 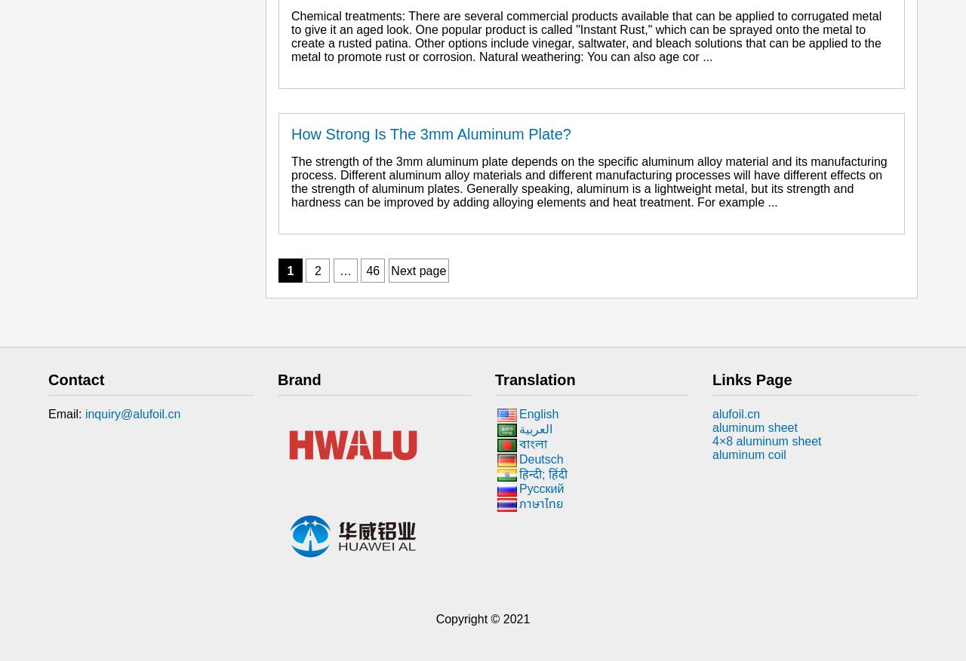 What do you see at coordinates (291, 181) in the screenshot?
I see `'The strength of the 3mm aluminum plate depends on the specific aluminum alloy material and its manufacturing process. Different aluminum alloy materials and different manufacturing processes will have different effects on the strength of aluminum plates. Generally speaking, aluminum is a lightweight metal, but its strength and hardness can be improved by adding alloying elements and heat treatment. For example ...'` at bounding box center [291, 181].